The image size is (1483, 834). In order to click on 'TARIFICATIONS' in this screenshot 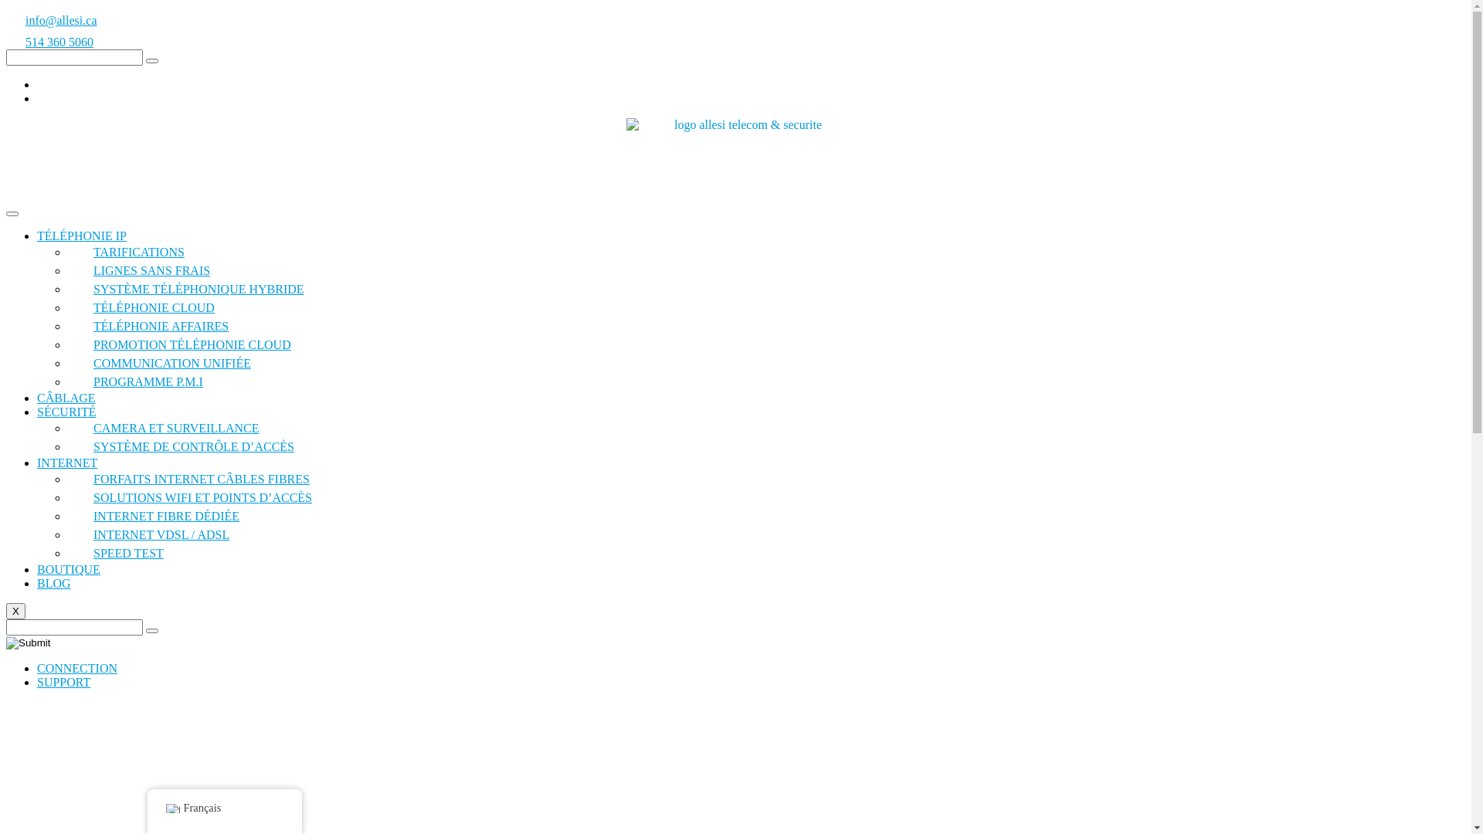, I will do `click(147, 250)`.